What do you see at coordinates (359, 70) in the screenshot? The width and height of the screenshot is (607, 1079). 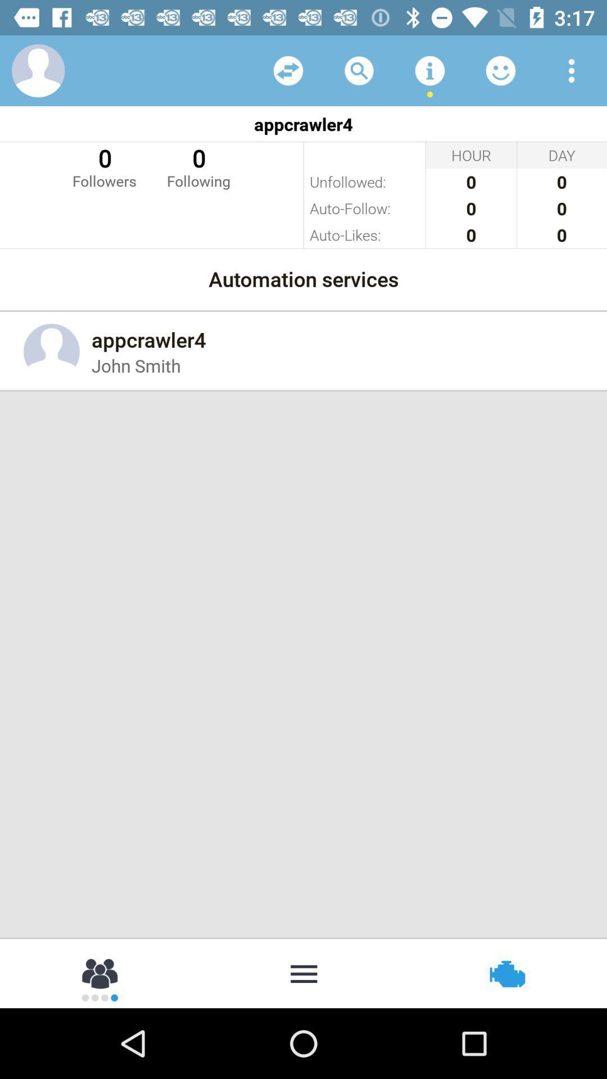 I see `search button` at bounding box center [359, 70].